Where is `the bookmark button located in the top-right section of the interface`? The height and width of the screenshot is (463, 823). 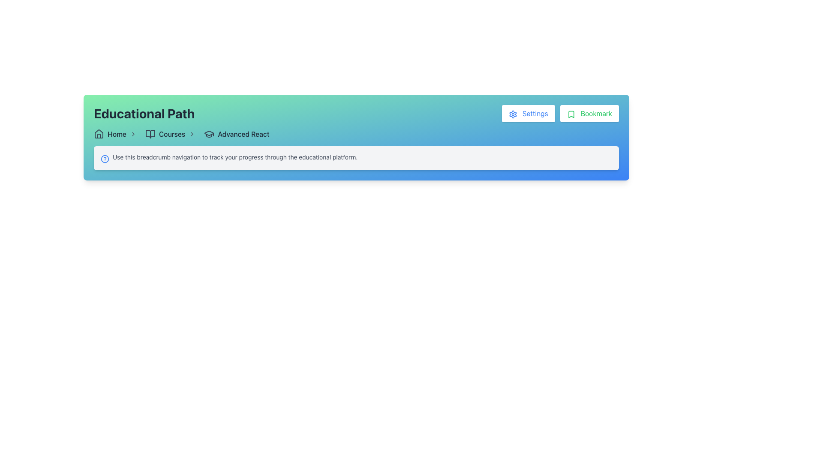 the bookmark button located in the top-right section of the interface is located at coordinates (589, 113).